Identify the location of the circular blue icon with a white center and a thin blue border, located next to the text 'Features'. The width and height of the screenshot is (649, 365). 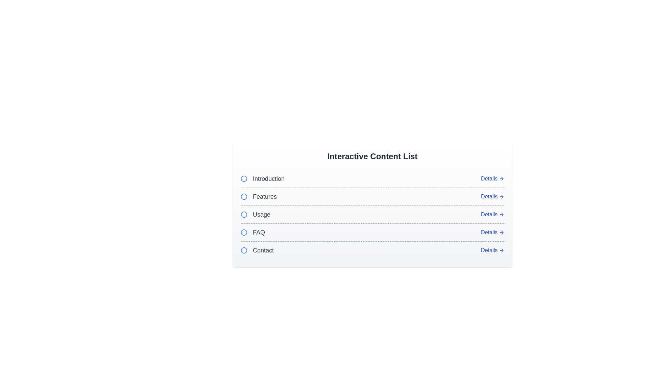
(243, 197).